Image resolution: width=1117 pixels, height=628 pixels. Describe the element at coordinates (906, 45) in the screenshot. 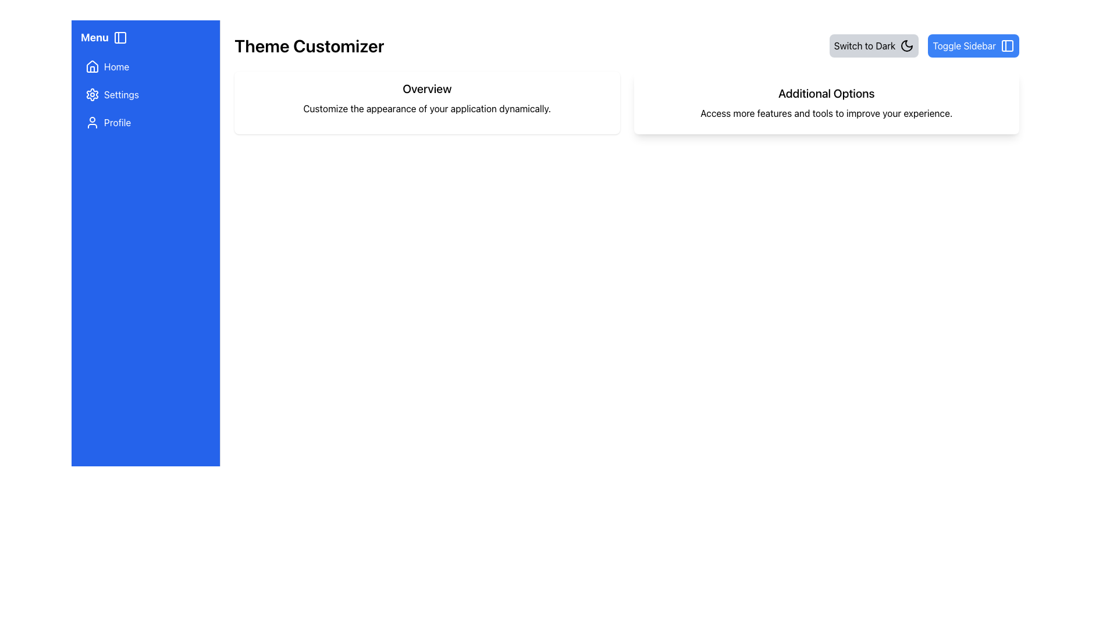

I see `the dark mode toggle icon located to the right of the 'Switch to Dark' label in the top-right section of the interface` at that location.